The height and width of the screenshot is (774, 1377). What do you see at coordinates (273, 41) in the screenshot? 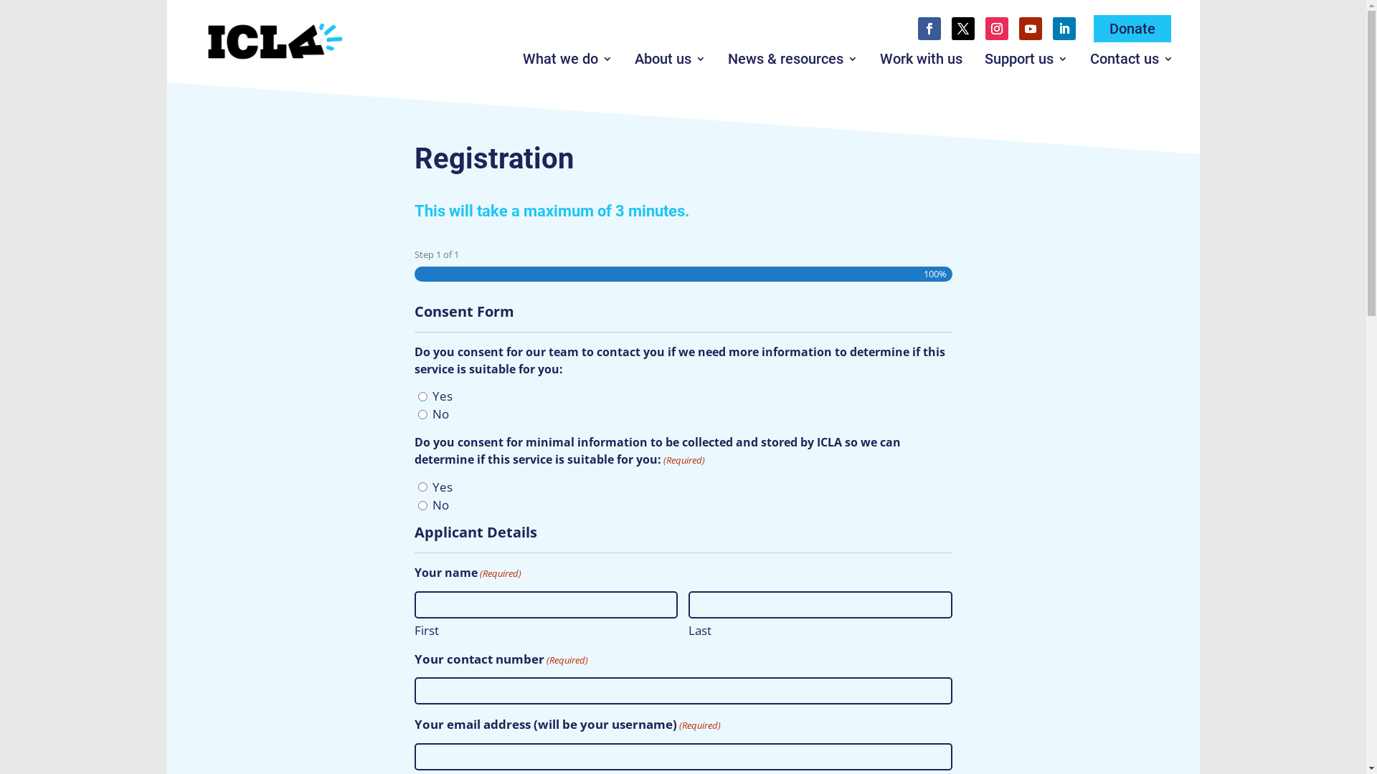
I see `'ICLA_Logo_Colour_Rev_Full_1_lge'` at bounding box center [273, 41].